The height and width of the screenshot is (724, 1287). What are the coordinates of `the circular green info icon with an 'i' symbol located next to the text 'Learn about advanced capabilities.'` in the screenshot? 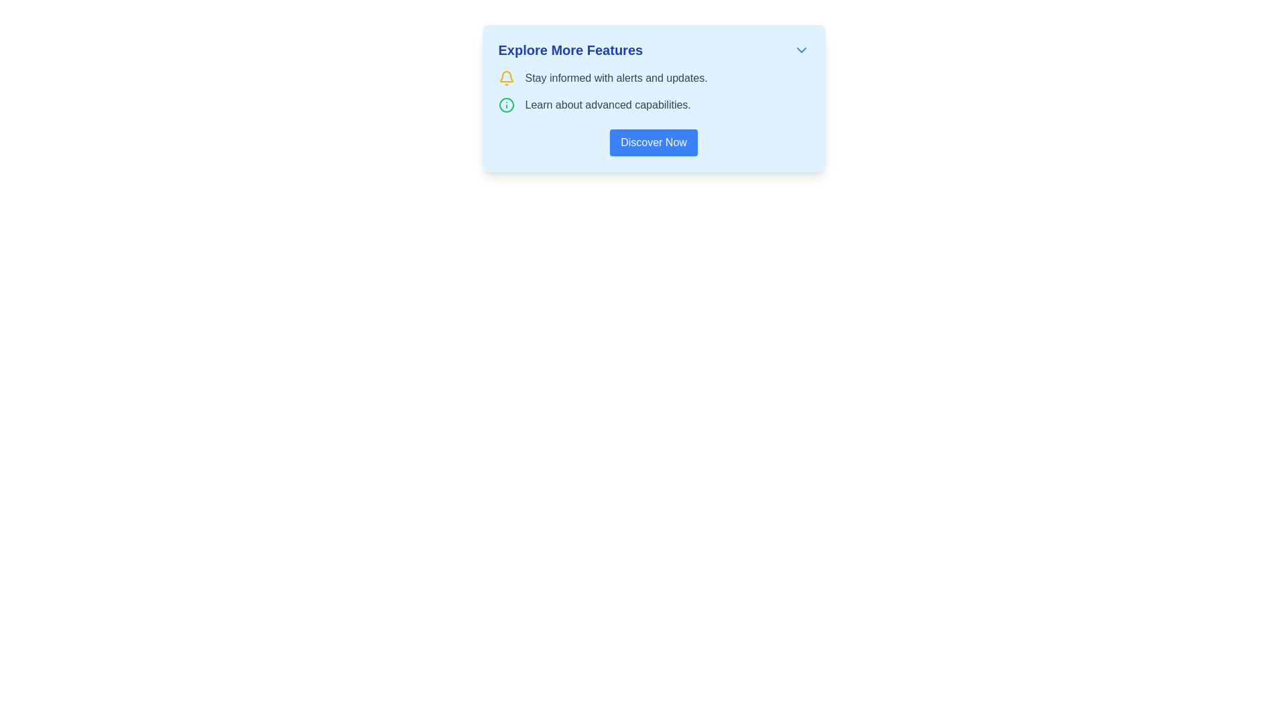 It's located at (505, 105).